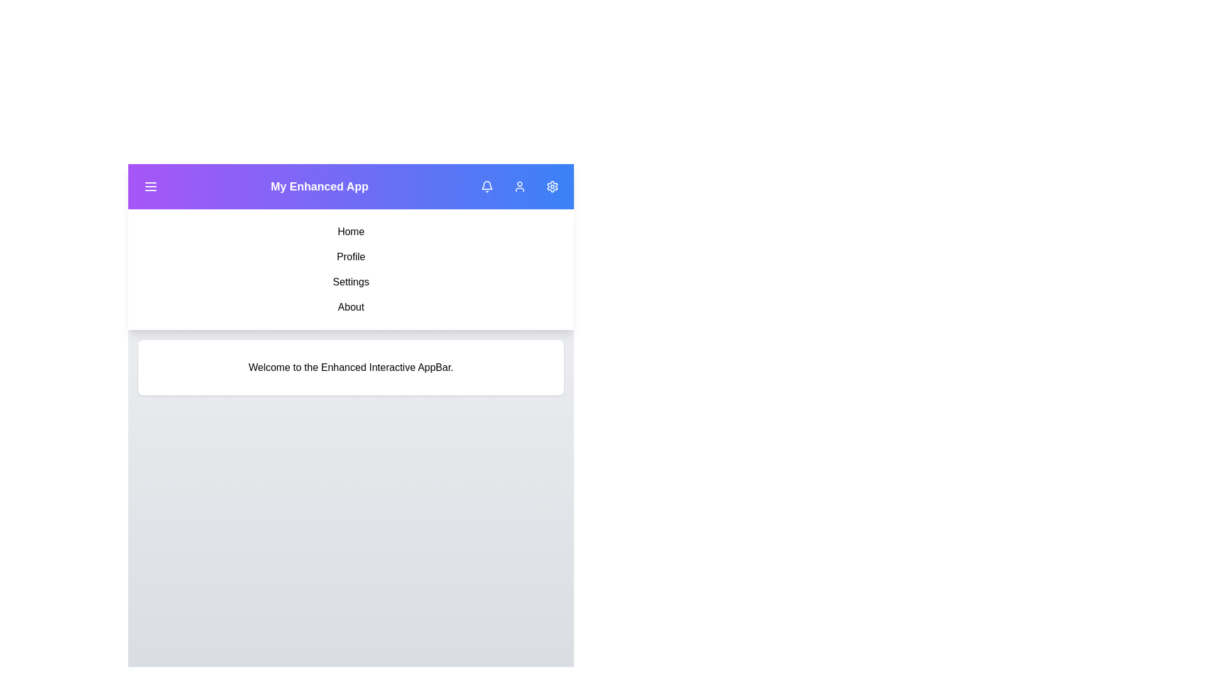 The height and width of the screenshot is (679, 1207). Describe the element at coordinates (351, 256) in the screenshot. I see `the menu item Profile to navigate to the corresponding section` at that location.